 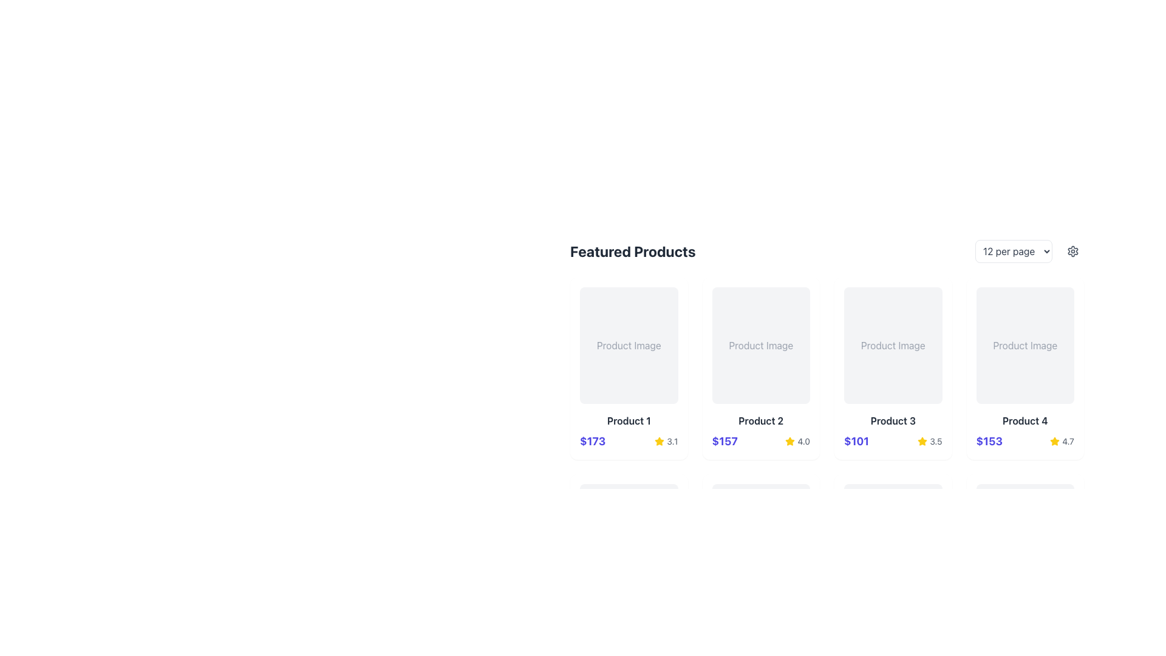 What do you see at coordinates (1072, 250) in the screenshot?
I see `the gear-shaped settings icon located in the top-right section of the interface` at bounding box center [1072, 250].